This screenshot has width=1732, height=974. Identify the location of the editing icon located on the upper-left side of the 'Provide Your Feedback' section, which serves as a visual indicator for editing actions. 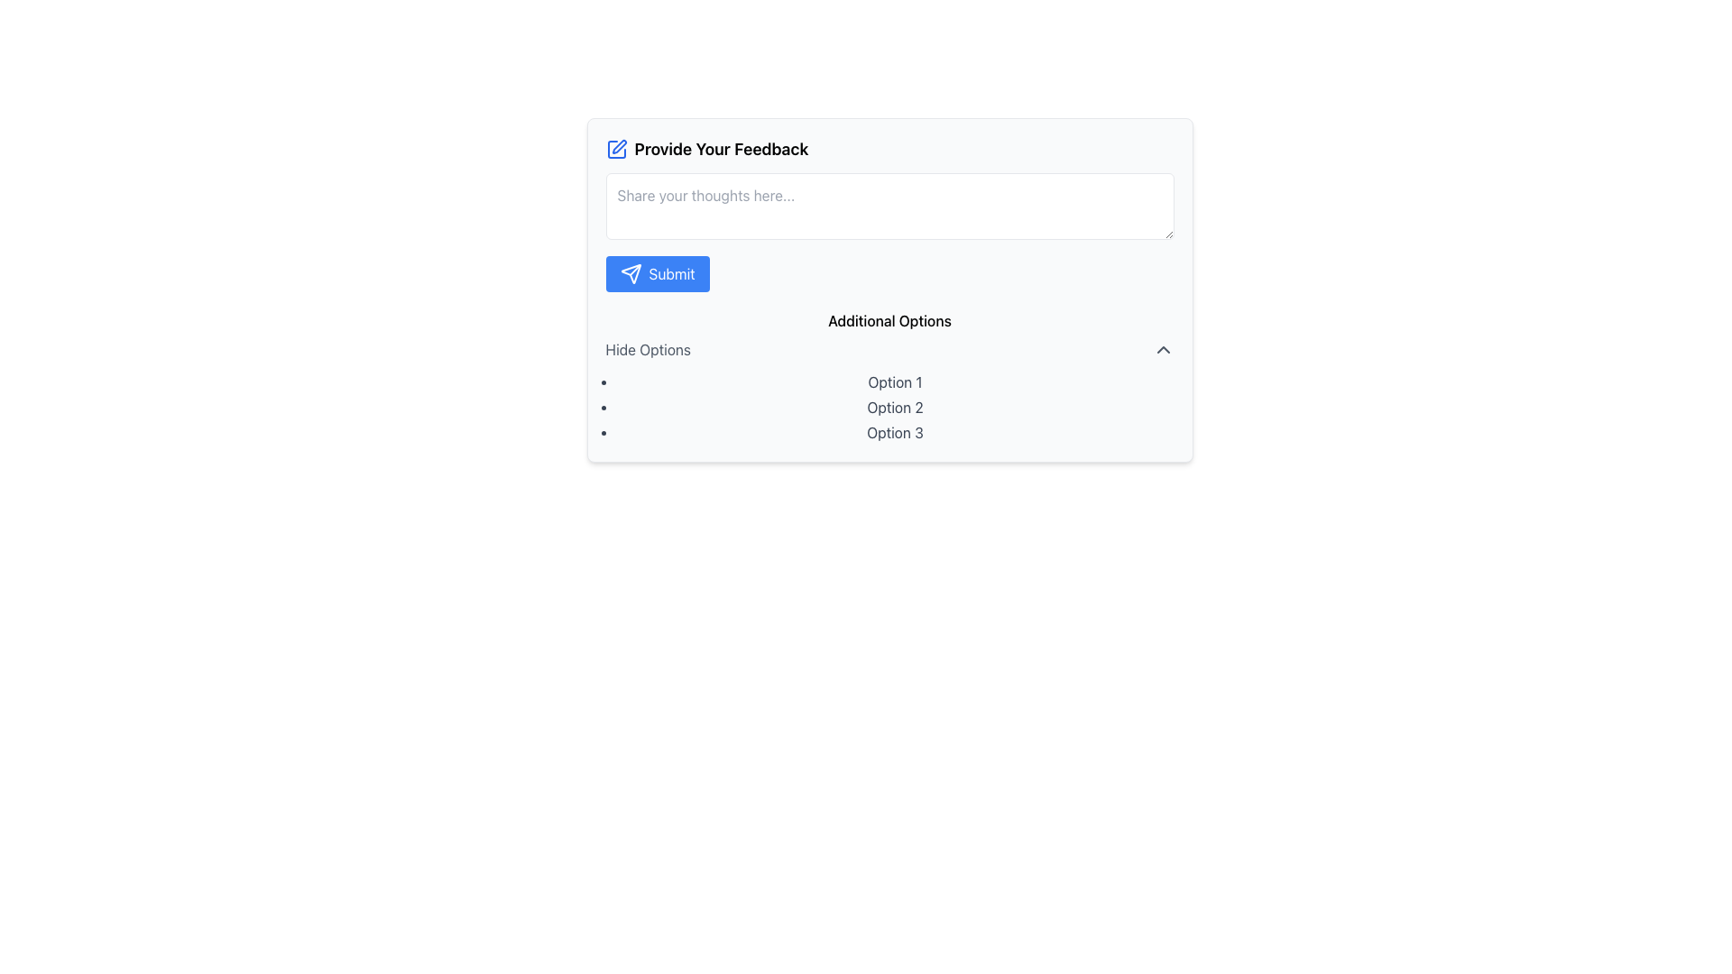
(616, 148).